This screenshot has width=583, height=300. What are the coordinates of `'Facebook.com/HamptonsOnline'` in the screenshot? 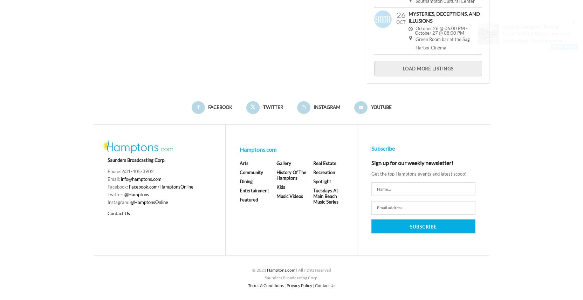 It's located at (160, 187).